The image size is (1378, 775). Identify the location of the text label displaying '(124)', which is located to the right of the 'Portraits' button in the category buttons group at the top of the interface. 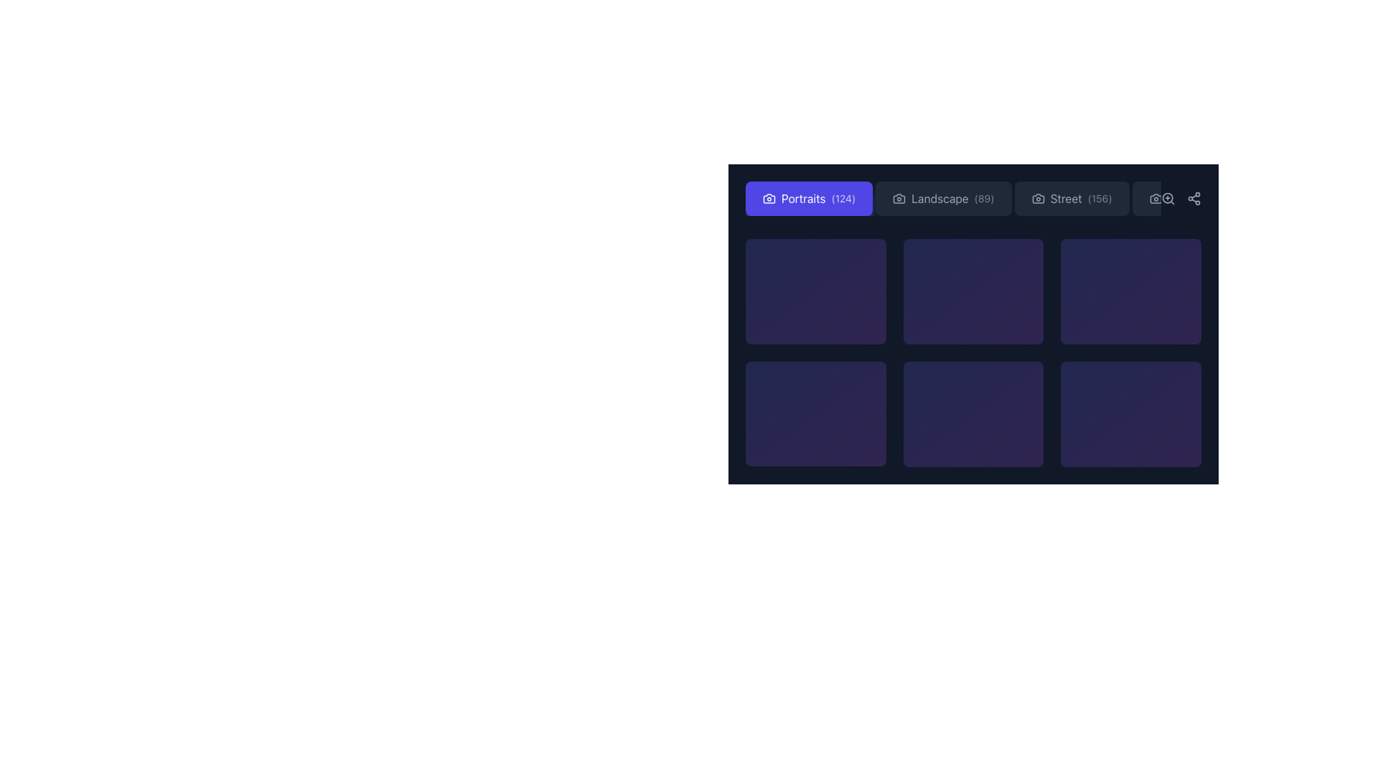
(843, 199).